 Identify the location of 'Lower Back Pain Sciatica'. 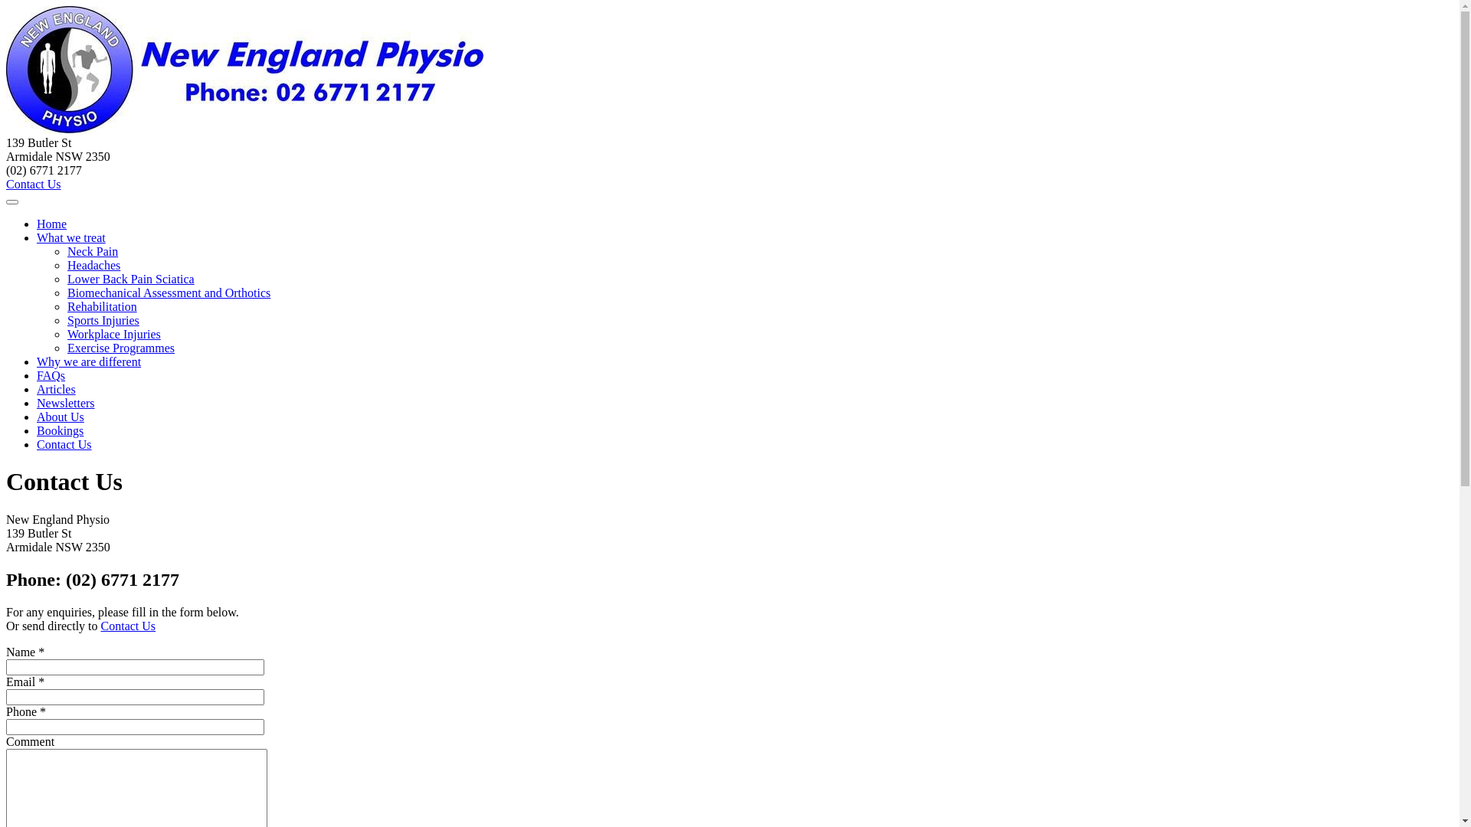
(131, 279).